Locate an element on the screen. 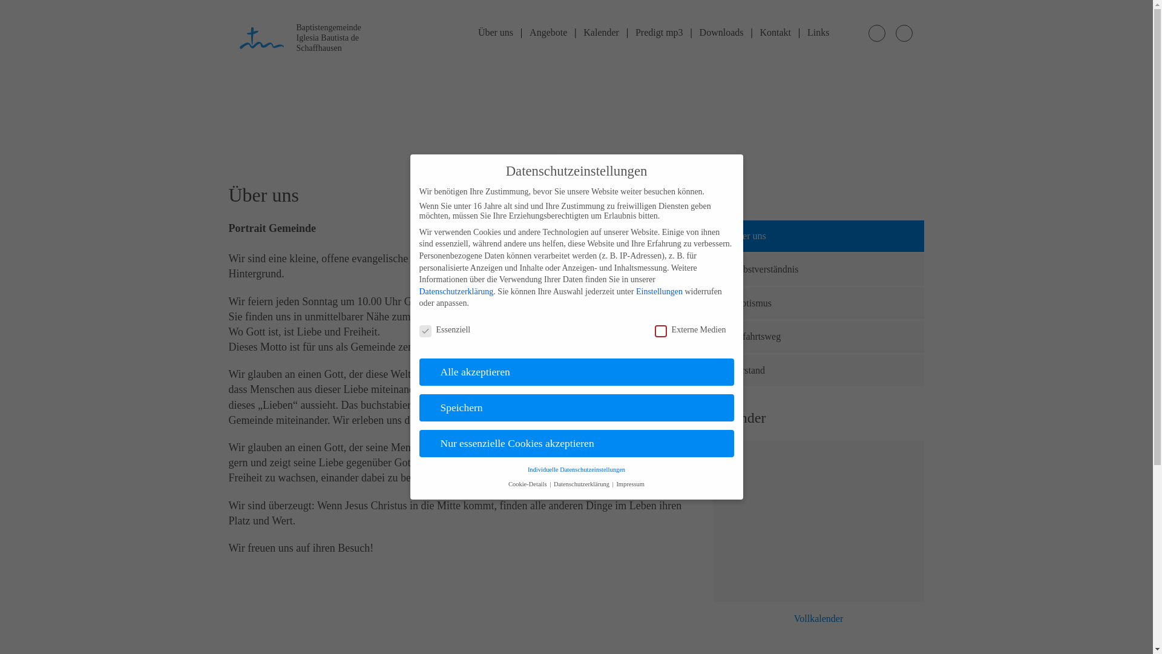  'Individuelle Datenschutzeinstellungen' is located at coordinates (576, 469).